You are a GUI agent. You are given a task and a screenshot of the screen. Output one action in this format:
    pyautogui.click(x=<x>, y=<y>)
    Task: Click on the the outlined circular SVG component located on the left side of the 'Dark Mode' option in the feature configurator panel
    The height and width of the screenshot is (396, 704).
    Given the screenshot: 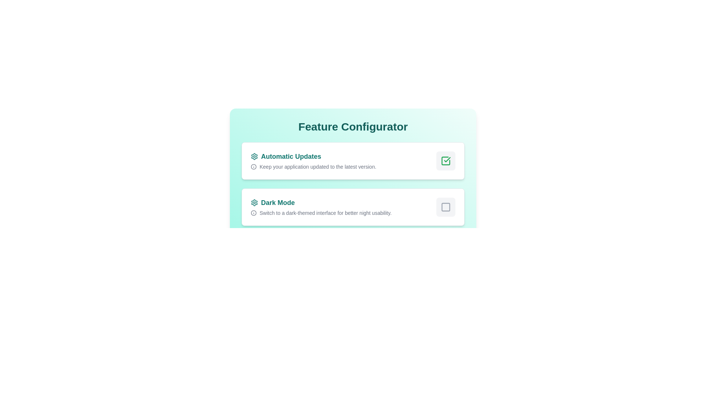 What is the action you would take?
    pyautogui.click(x=253, y=213)
    